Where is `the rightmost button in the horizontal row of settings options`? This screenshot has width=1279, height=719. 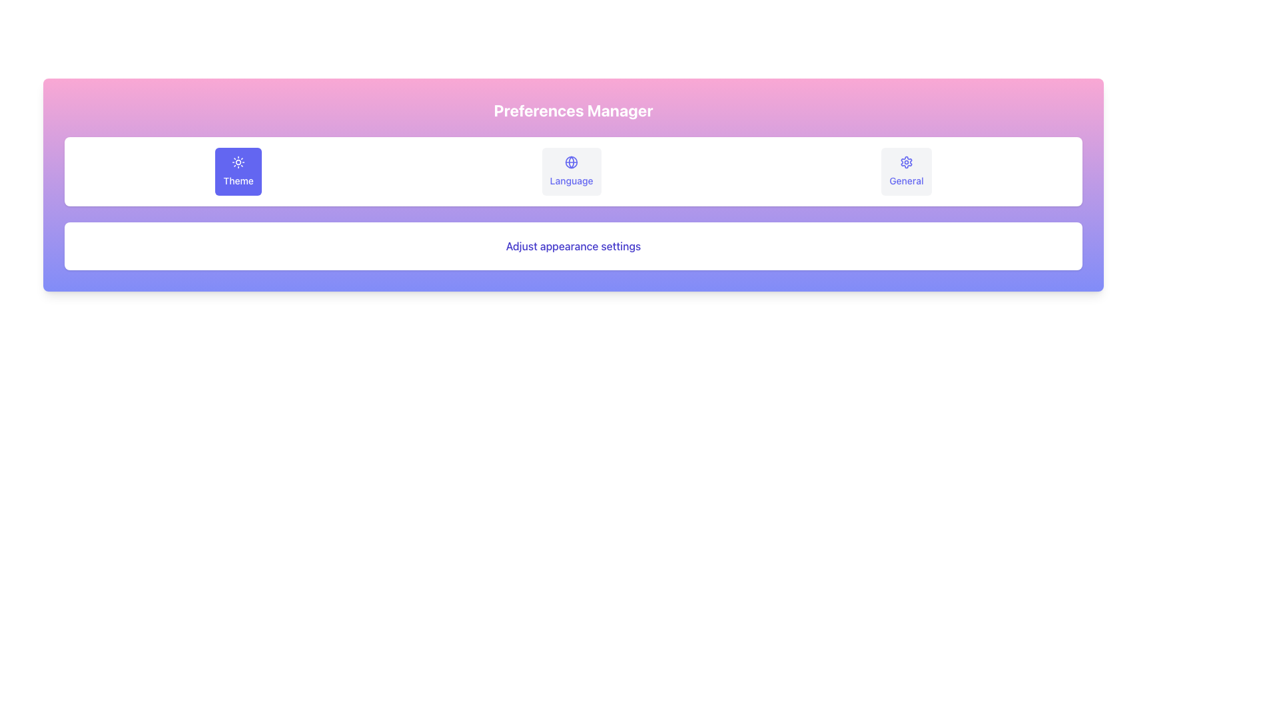 the rightmost button in the horizontal row of settings options is located at coordinates (905, 171).